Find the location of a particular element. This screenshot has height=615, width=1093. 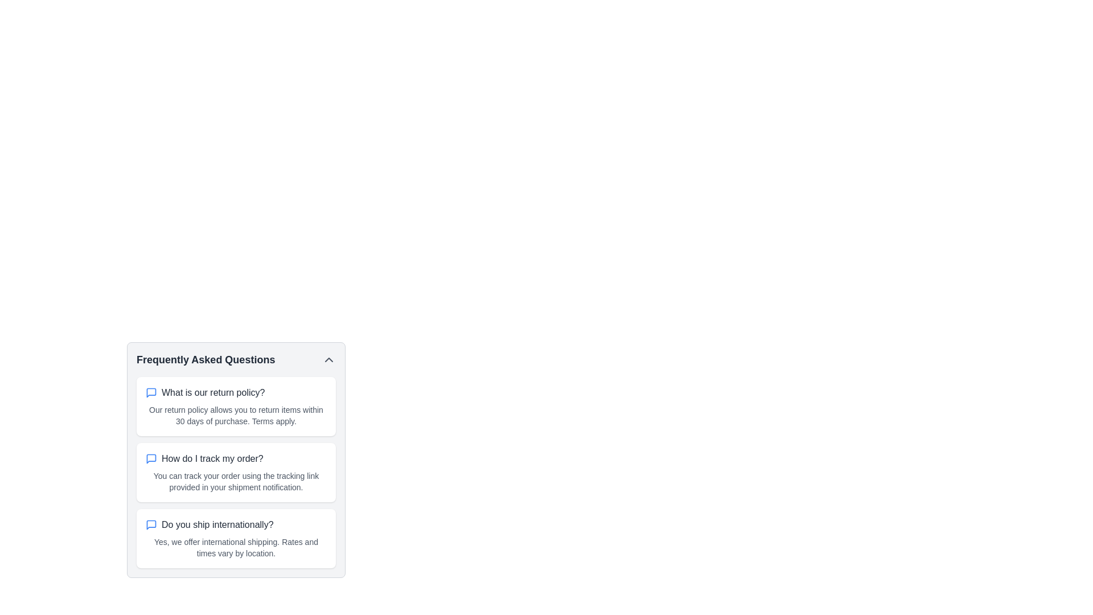

the chevron icon located at the top-right corner of the 'Frequently Asked Questions' section is located at coordinates (328, 360).